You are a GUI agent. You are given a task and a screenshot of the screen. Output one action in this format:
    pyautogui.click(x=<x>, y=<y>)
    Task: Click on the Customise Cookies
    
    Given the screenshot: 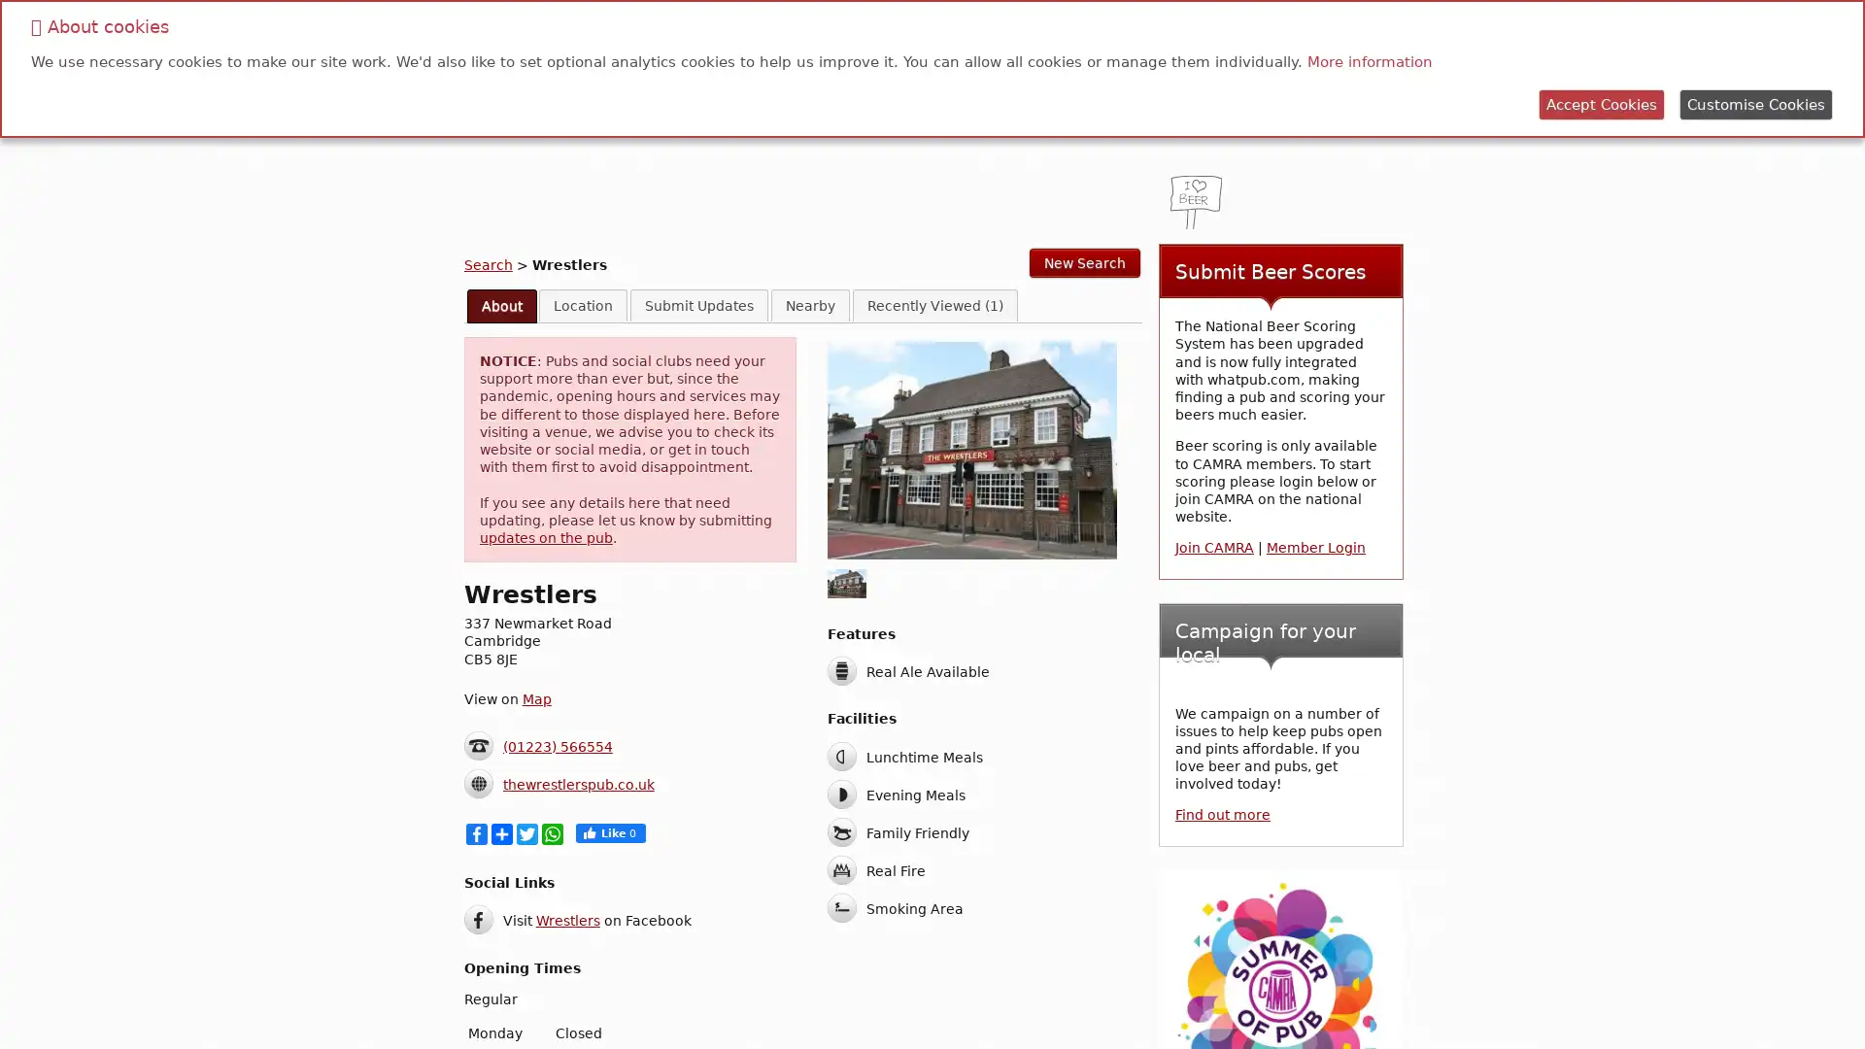 What is the action you would take?
    pyautogui.click(x=1756, y=104)
    